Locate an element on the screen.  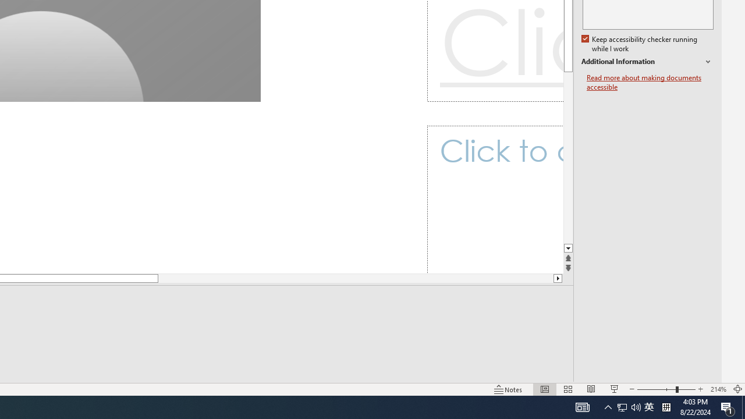
'Read more about making documents accessible' is located at coordinates (650, 82).